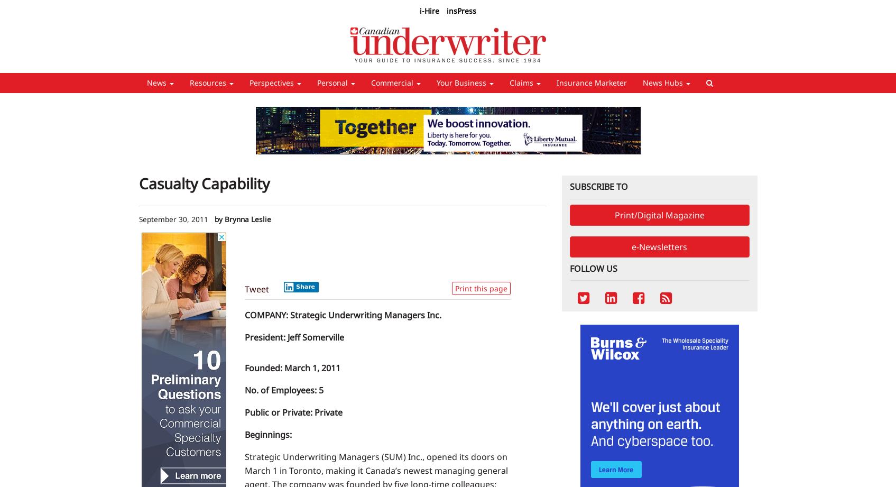 The width and height of the screenshot is (896, 487). I want to click on 'Casualty Capability', so click(138, 183).